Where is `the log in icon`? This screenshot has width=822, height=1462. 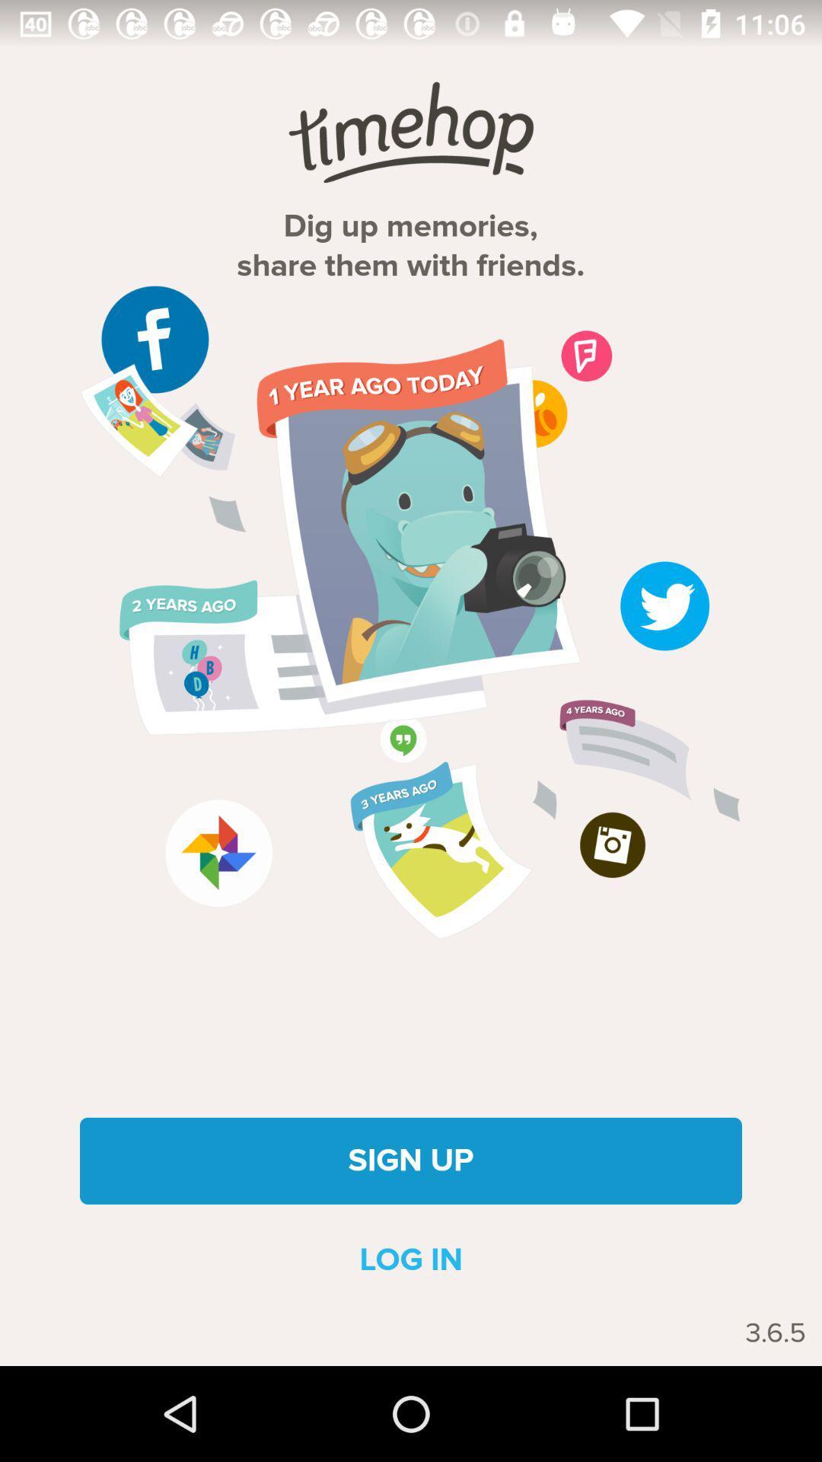 the log in icon is located at coordinates (411, 1260).